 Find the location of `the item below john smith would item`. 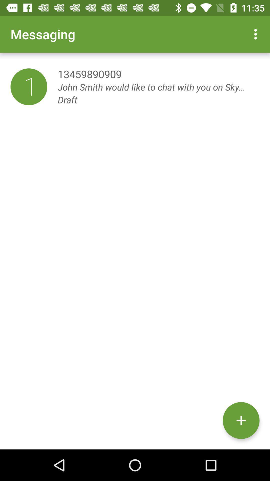

the item below john smith would item is located at coordinates (241, 420).